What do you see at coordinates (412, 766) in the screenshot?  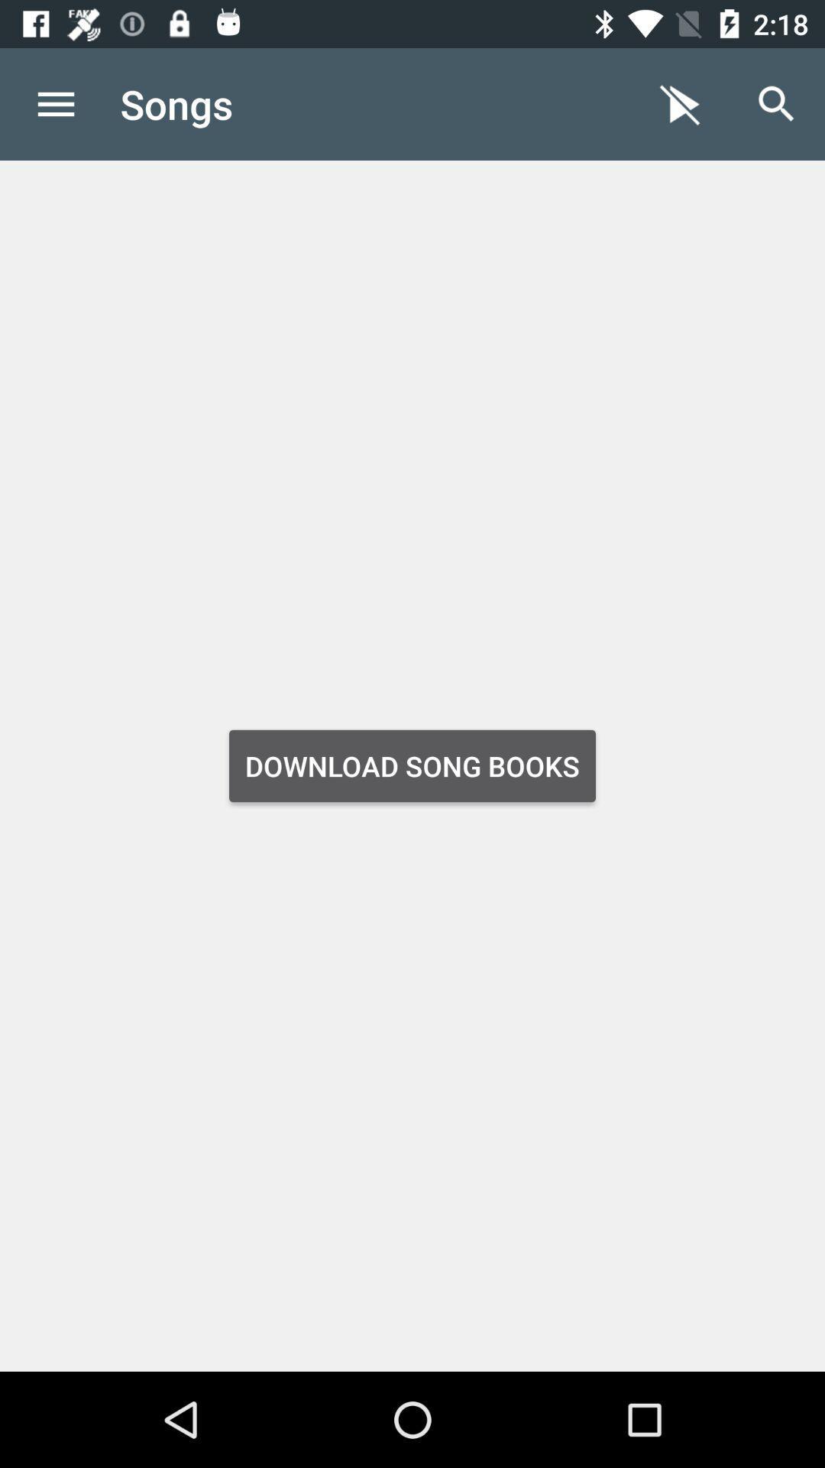 I see `the download song books` at bounding box center [412, 766].